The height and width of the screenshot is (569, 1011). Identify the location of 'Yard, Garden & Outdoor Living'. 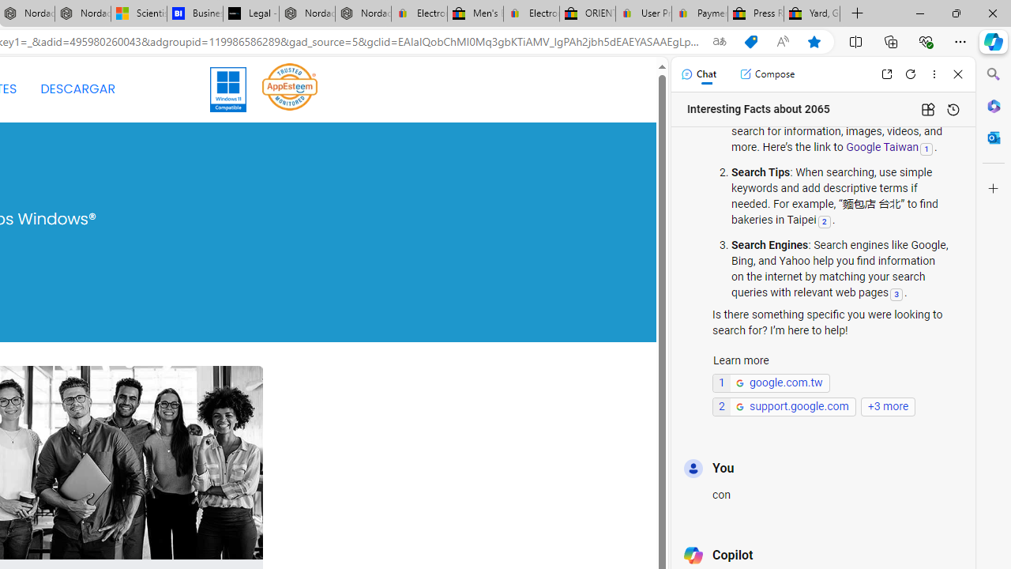
(812, 13).